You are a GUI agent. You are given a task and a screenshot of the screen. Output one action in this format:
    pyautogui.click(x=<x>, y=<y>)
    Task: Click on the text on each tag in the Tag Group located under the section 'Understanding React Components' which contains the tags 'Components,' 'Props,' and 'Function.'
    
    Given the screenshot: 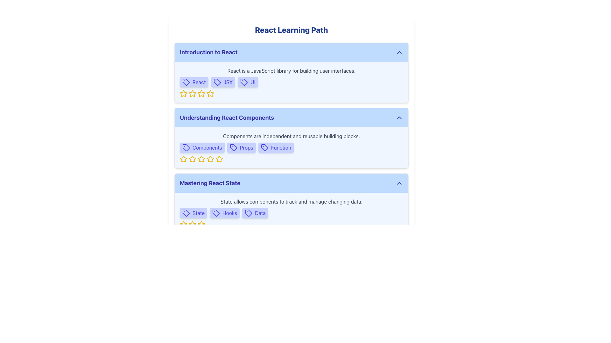 What is the action you would take?
    pyautogui.click(x=291, y=148)
    